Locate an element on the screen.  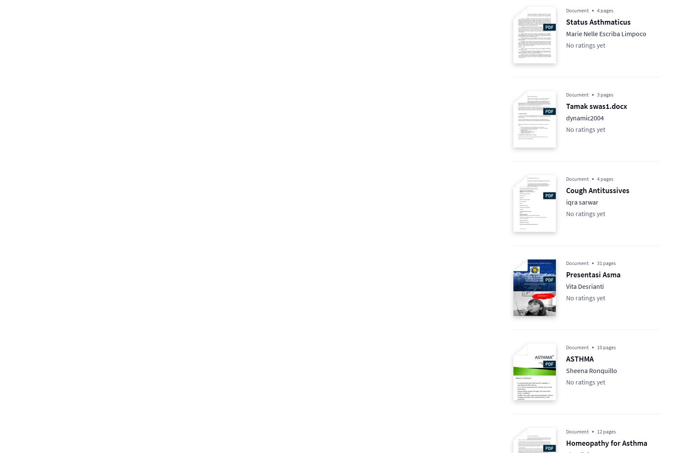
'Marie Nelle Escriba Limpoco' is located at coordinates (606, 33).